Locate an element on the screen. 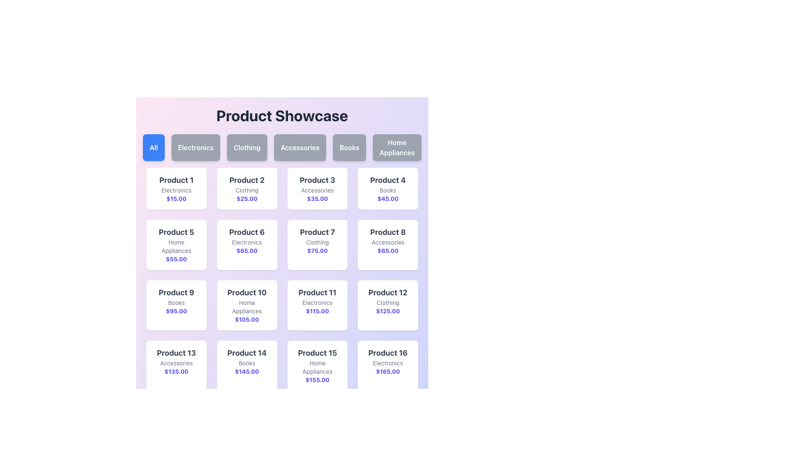  the static text label 'Product 12', which is located in the fourth column of the bottom row of the grid within the card, positioned below the product title and above the price is located at coordinates (388, 302).